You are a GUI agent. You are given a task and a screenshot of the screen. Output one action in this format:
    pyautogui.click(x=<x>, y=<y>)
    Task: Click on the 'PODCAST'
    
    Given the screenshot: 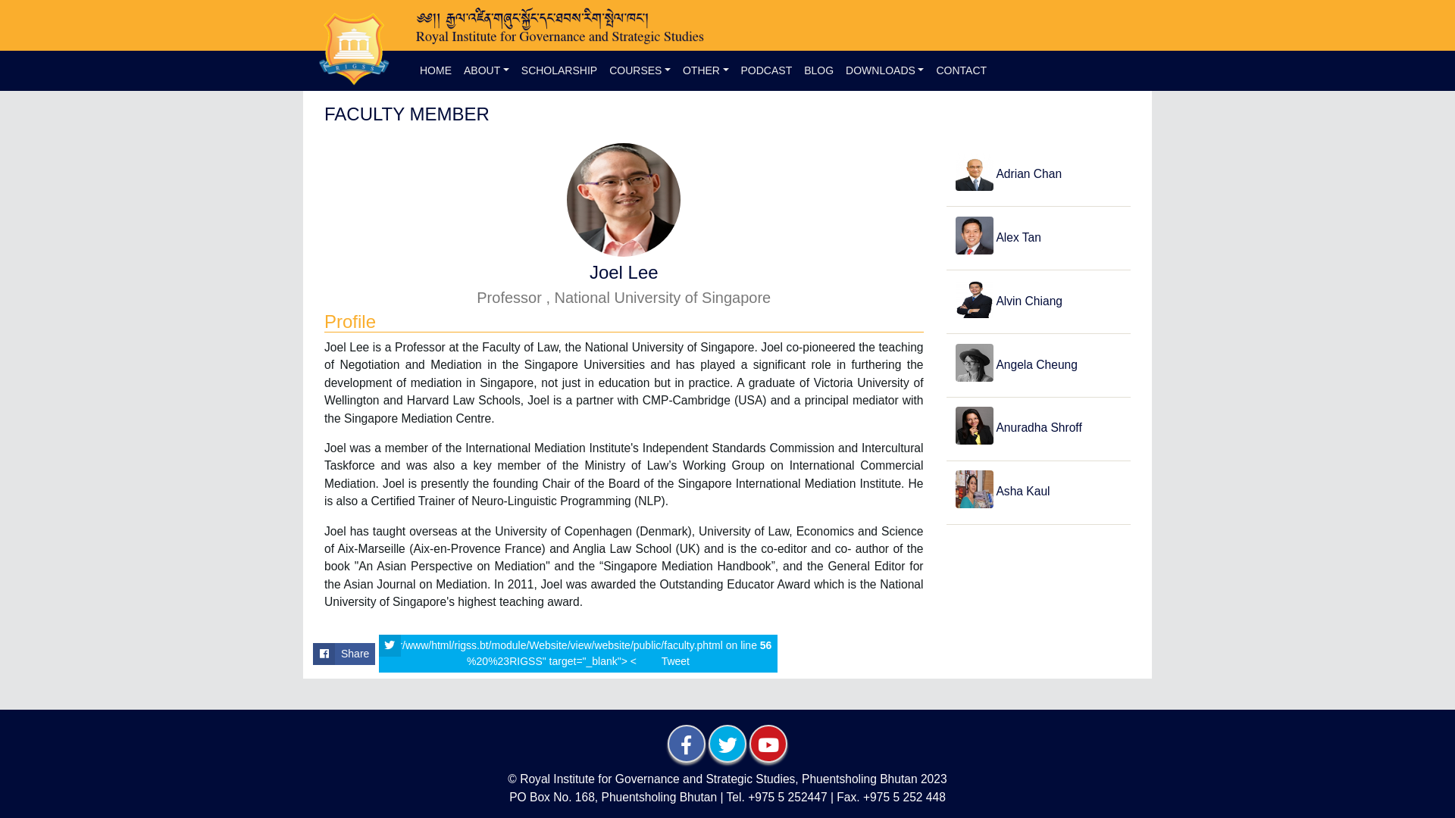 What is the action you would take?
    pyautogui.click(x=767, y=70)
    